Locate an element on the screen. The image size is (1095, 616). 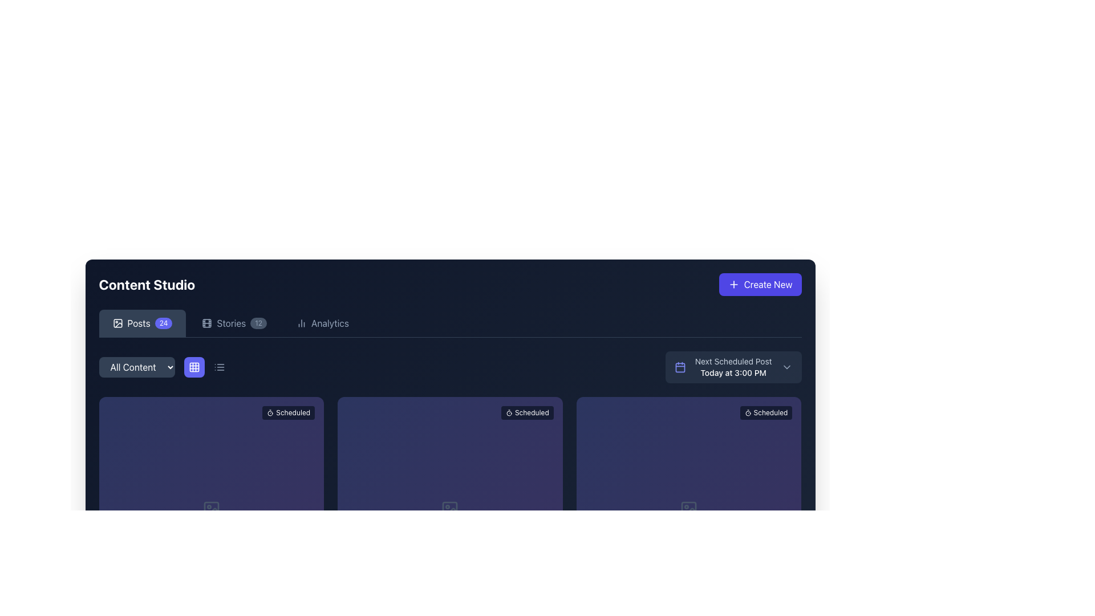
the Icon button for layout toggle located on the top bar, left side next to the 'All Content' dropdown is located at coordinates (194, 367).